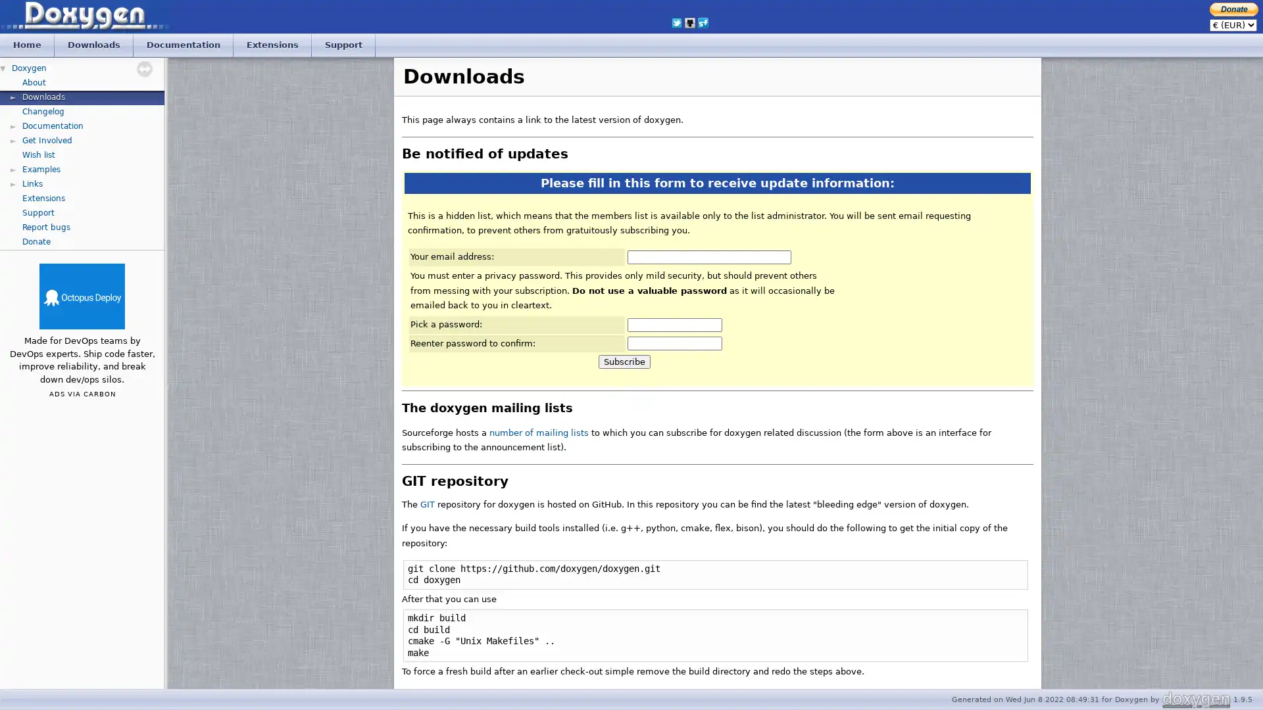  I want to click on Subscribe, so click(624, 362).